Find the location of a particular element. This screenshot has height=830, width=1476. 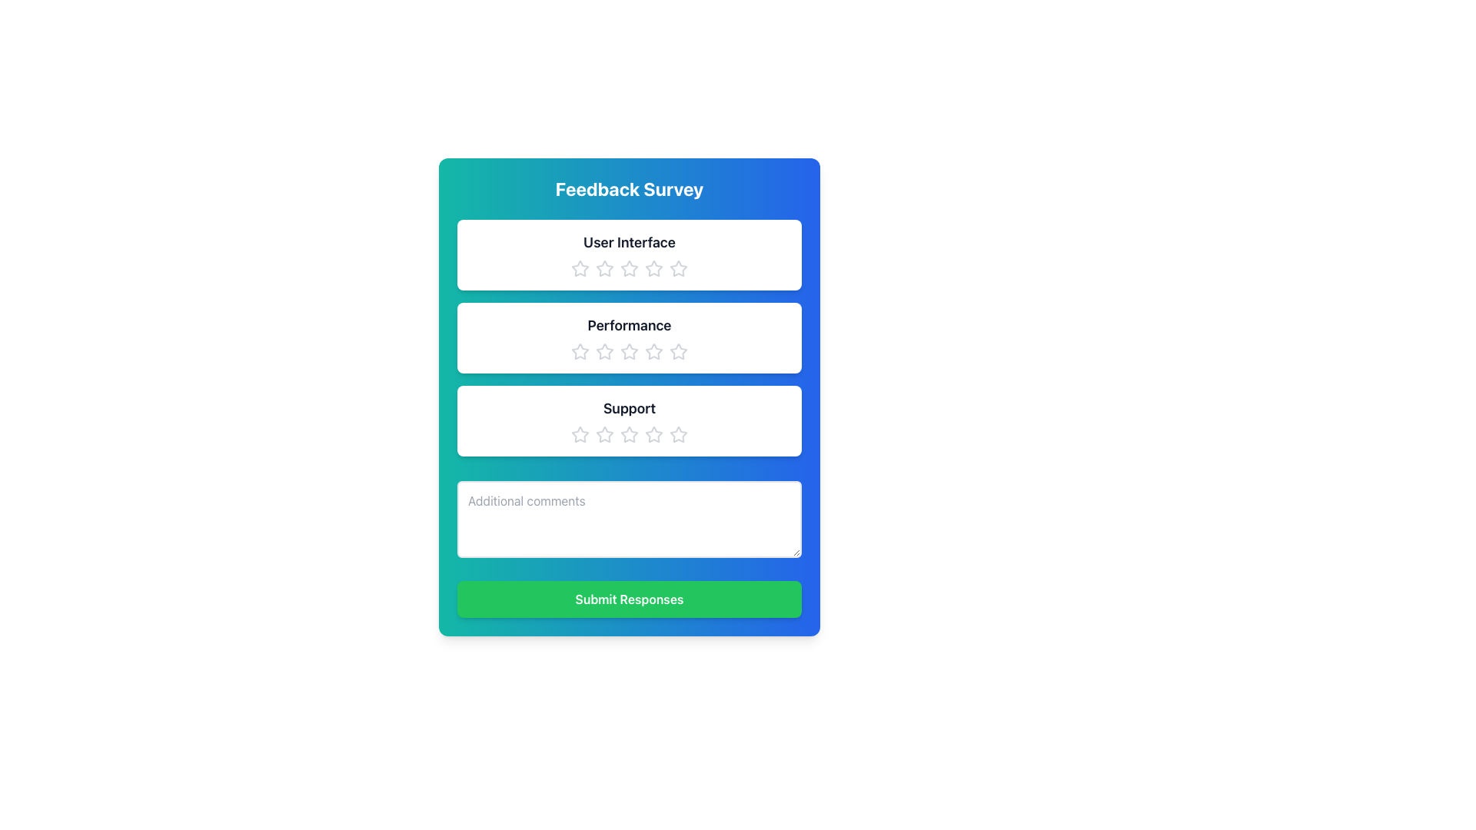

the third star is located at coordinates (677, 350).